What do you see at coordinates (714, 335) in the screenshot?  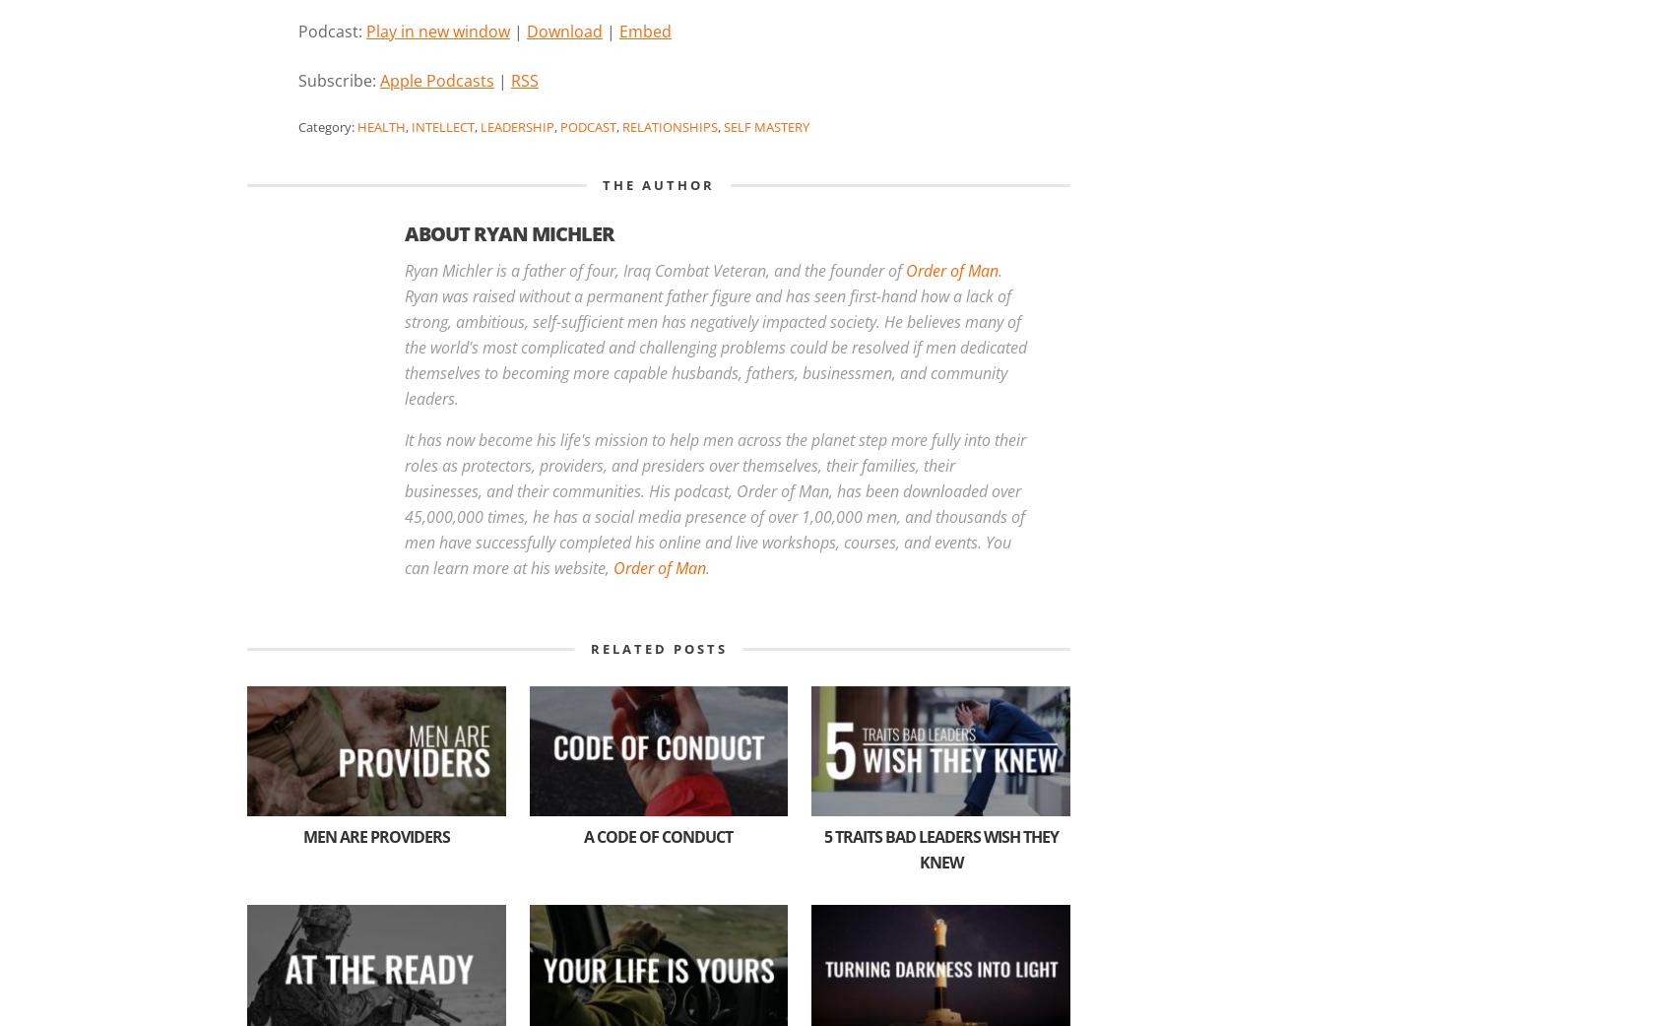 I see `'. Ryan was raised without a permanent father figure and has seen first-hand how a lack of strong, ambitious, self-sufficient men has negatively impacted society. He believes many of the world's most complicated and challenging problems could be resolved if men dedicated themselves to becoming more capable husbands, fathers, businessmen, and community leaders.'` at bounding box center [714, 335].